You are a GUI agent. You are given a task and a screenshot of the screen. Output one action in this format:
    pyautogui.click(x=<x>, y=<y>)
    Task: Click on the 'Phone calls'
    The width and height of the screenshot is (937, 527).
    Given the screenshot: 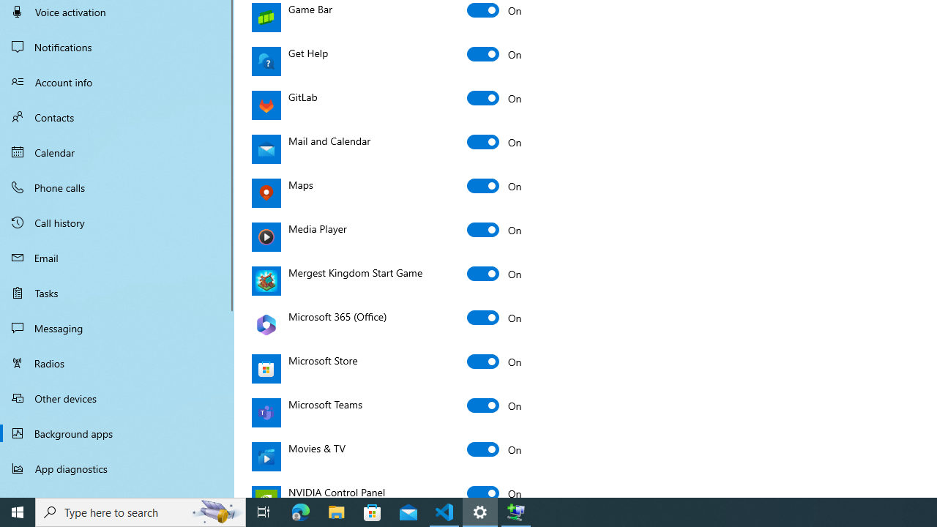 What is the action you would take?
    pyautogui.click(x=117, y=186)
    